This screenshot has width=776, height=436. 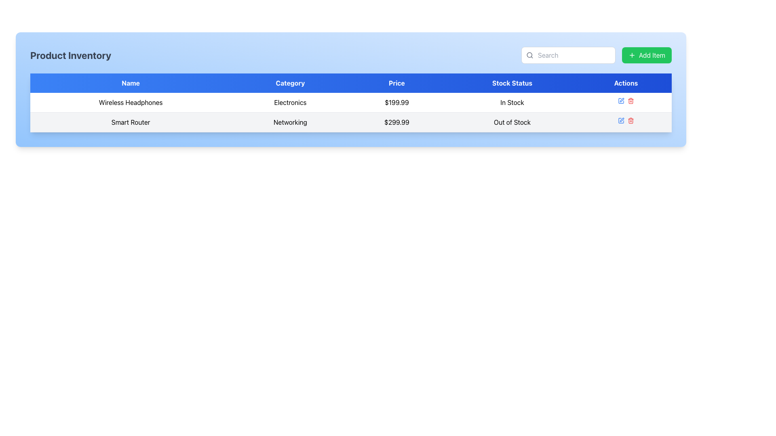 What do you see at coordinates (131, 122) in the screenshot?
I see `the 'Smart Router' text label in the second row of the table, which is displayed with black text and a light background` at bounding box center [131, 122].